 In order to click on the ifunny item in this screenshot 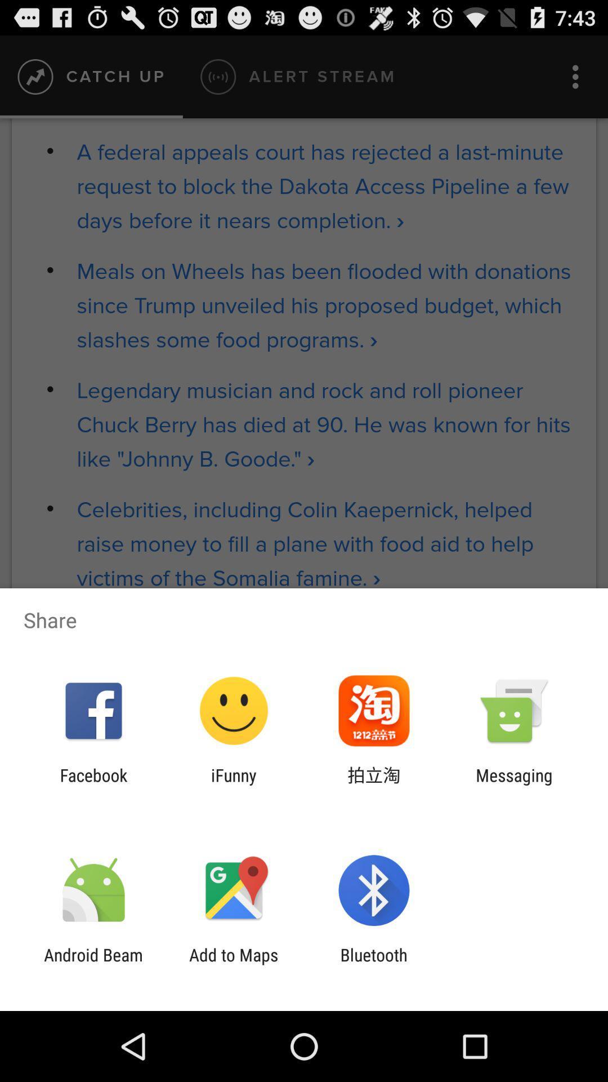, I will do `click(233, 784)`.